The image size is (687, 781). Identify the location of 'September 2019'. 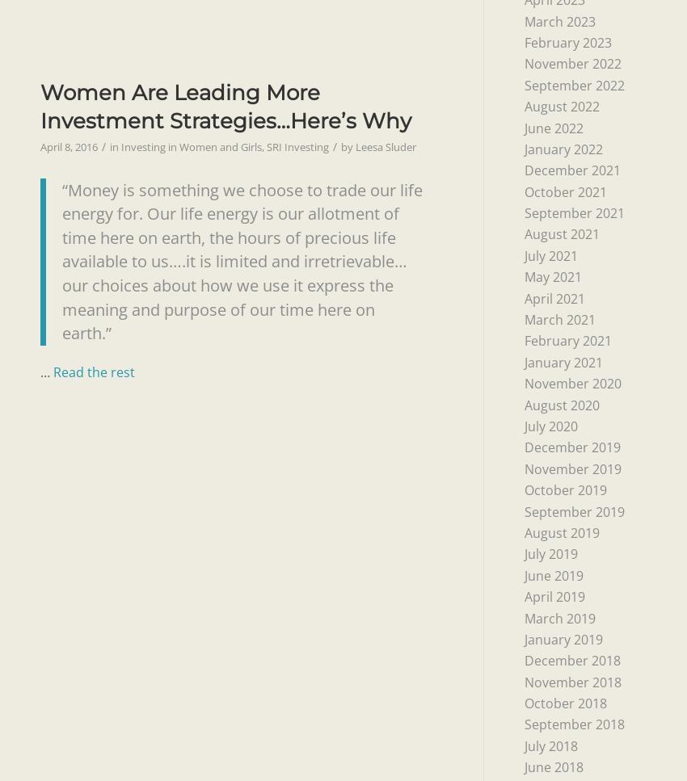
(573, 510).